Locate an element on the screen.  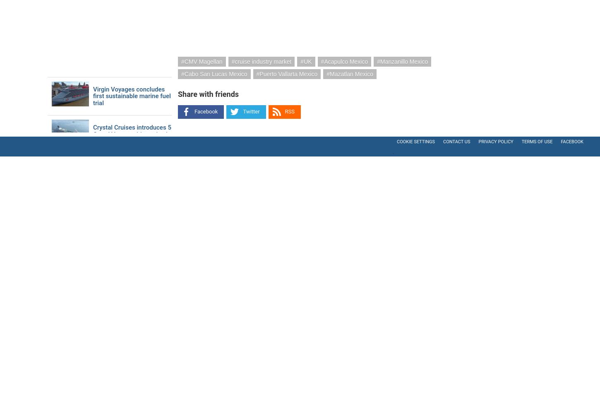
'CMV Magellan' is located at coordinates (203, 62).